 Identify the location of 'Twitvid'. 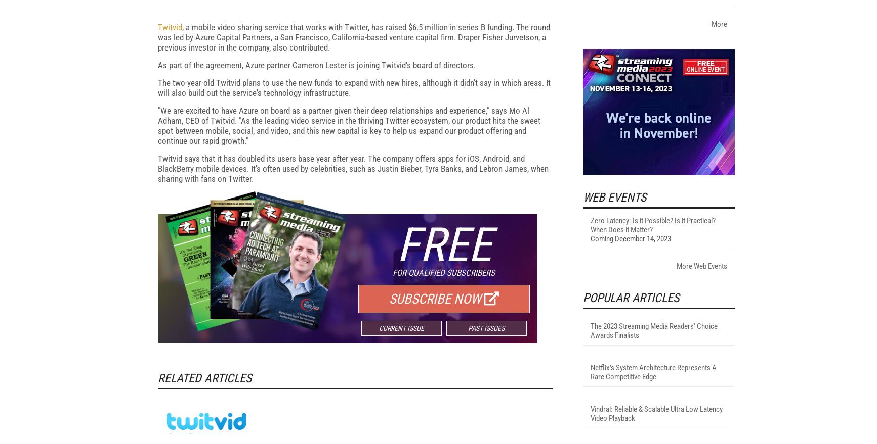
(169, 159).